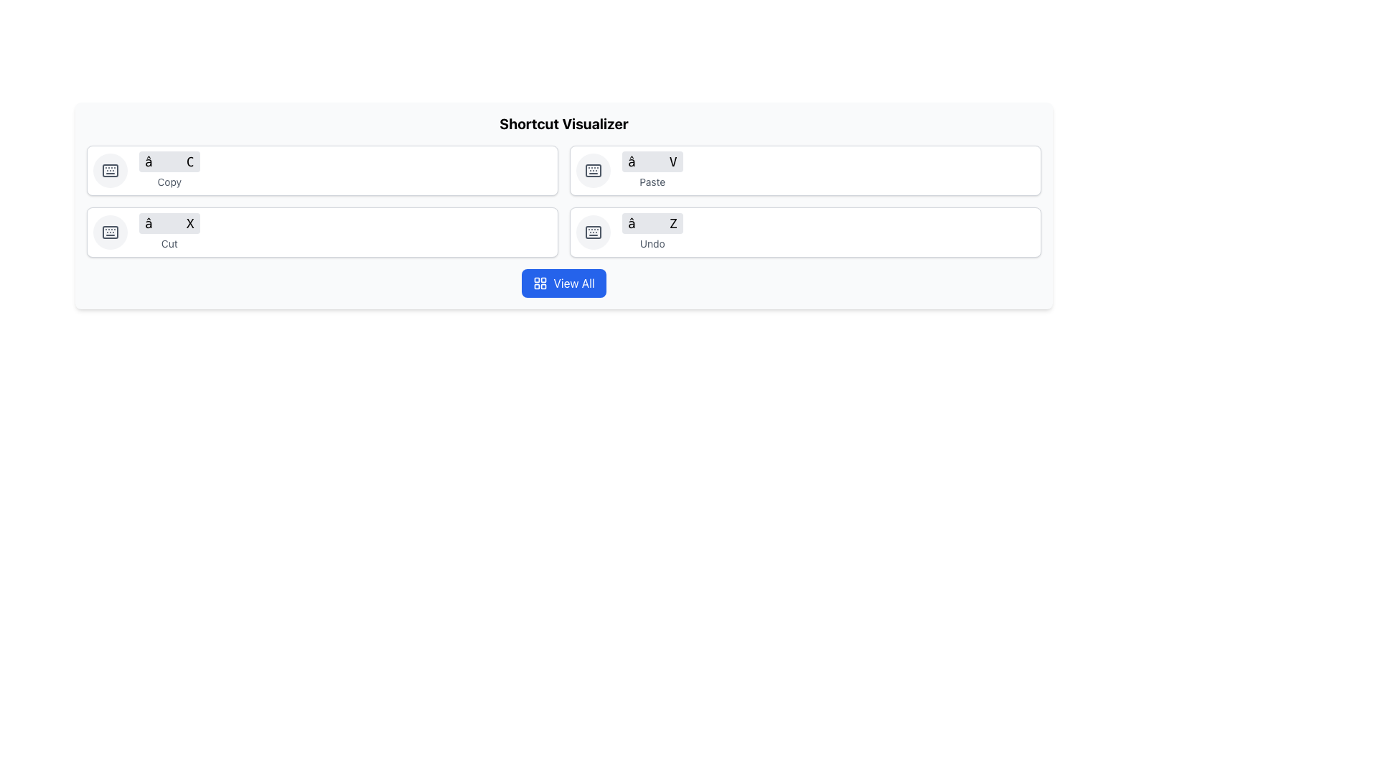  I want to click on the navigational button located at the bottom center of the interface, so click(563, 283).